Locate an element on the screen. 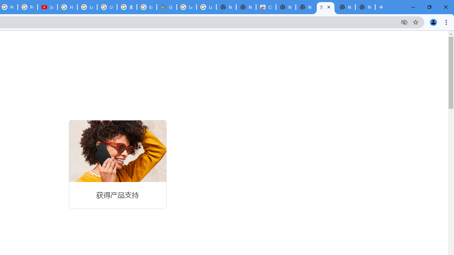  'Chrome Web Store' is located at coordinates (266, 7).